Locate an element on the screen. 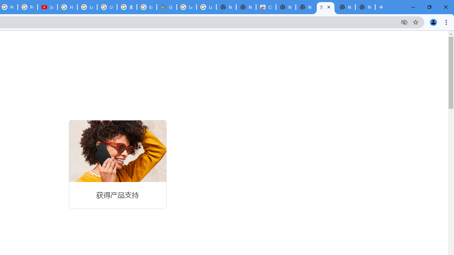  'Chrome Web Store' is located at coordinates (266, 7).